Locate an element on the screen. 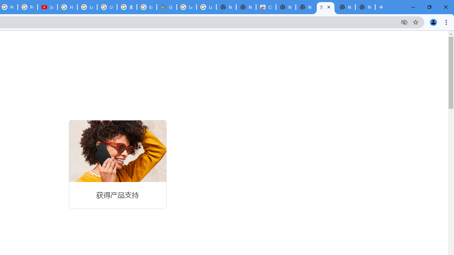  'Chrome Web Store' is located at coordinates (266, 7).